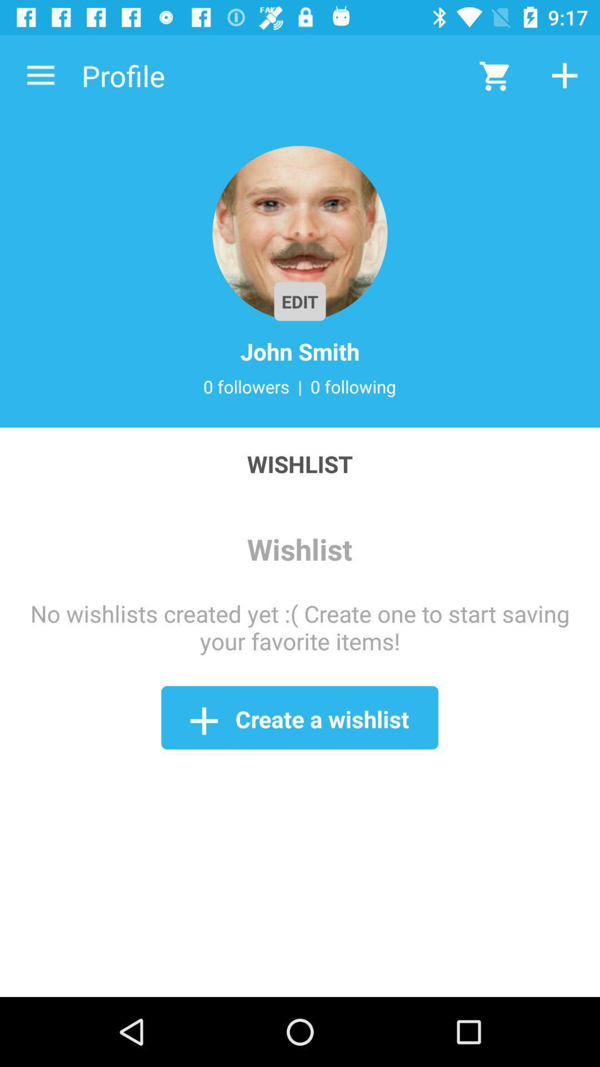 Image resolution: width=600 pixels, height=1067 pixels. What do you see at coordinates (300, 627) in the screenshot?
I see `no wishlists created` at bounding box center [300, 627].